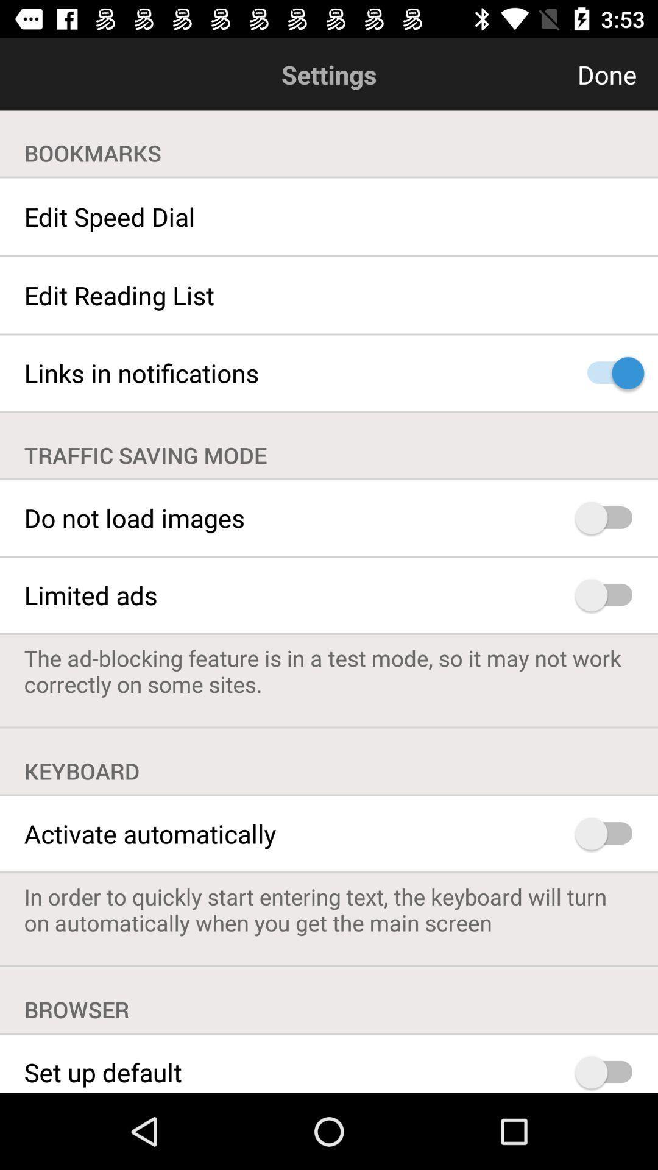 Image resolution: width=658 pixels, height=1170 pixels. I want to click on activate keyboard automatically, so click(609, 833).